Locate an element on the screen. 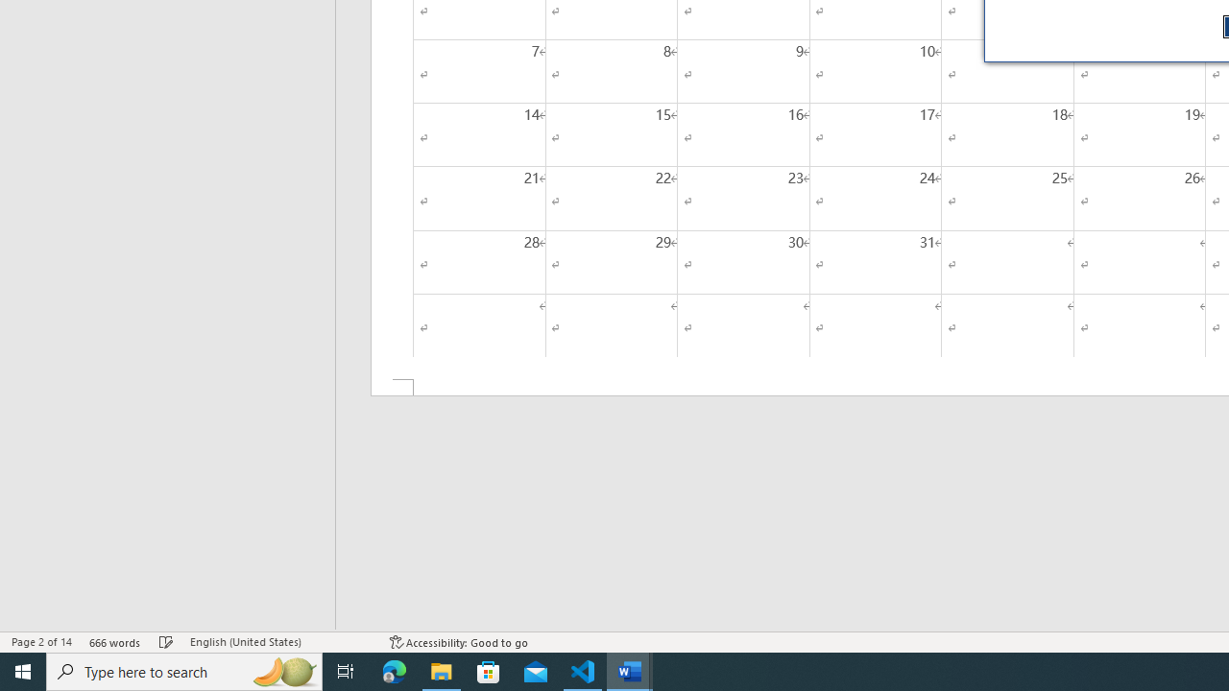 The width and height of the screenshot is (1229, 691). 'Microsoft Edge' is located at coordinates (394, 670).